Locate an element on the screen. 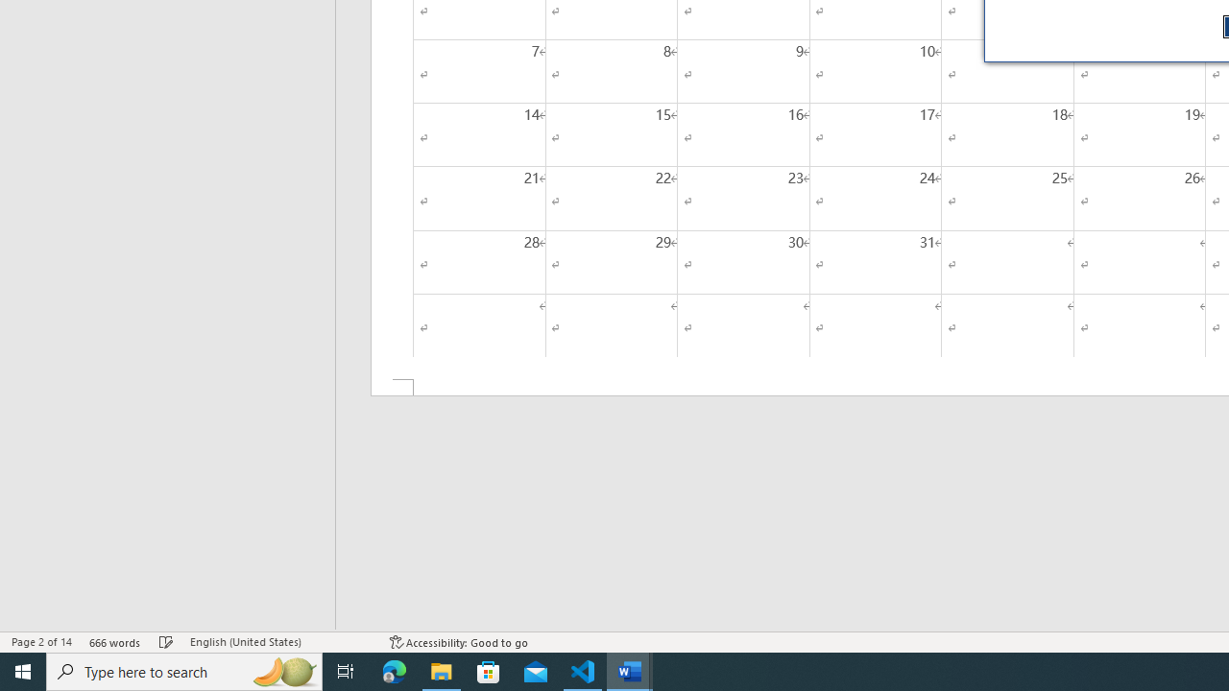 The width and height of the screenshot is (1229, 691). 'Microsoft Edge' is located at coordinates (394, 670).